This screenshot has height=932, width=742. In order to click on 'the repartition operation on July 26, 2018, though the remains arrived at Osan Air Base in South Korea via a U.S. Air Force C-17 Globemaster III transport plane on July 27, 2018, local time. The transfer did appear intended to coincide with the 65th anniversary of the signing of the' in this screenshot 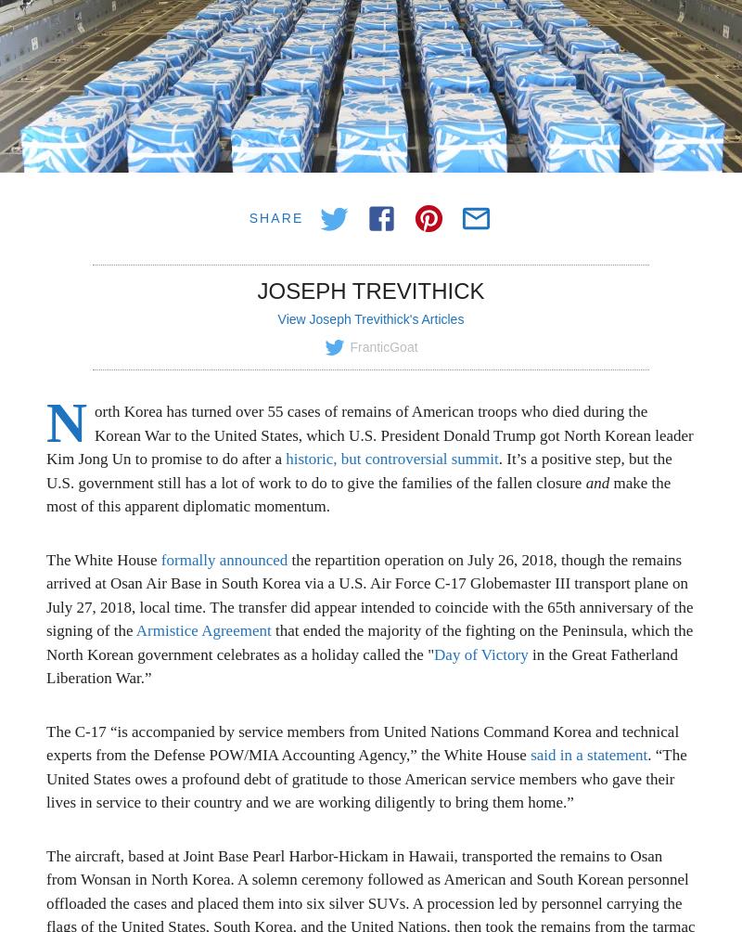, I will do `click(368, 593)`.